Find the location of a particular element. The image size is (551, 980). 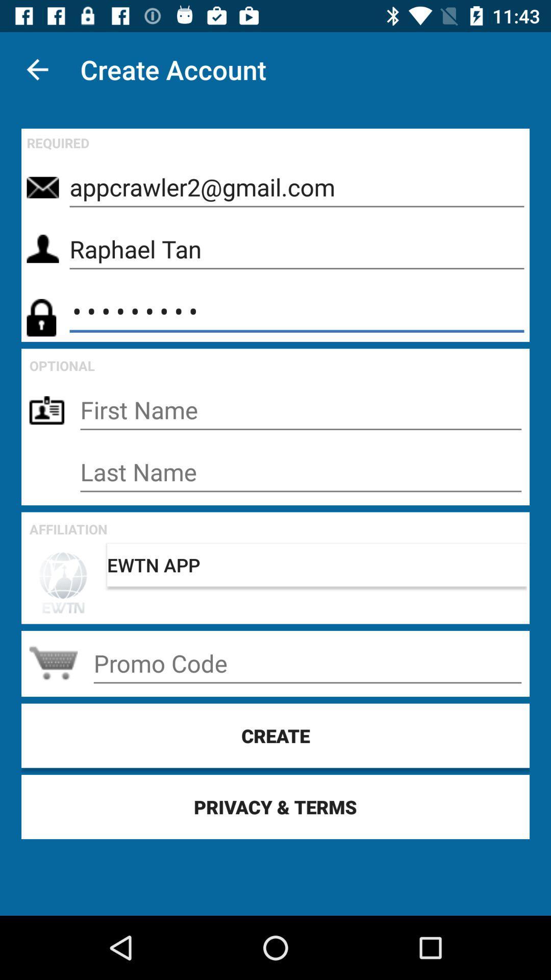

last name is located at coordinates (300, 472).